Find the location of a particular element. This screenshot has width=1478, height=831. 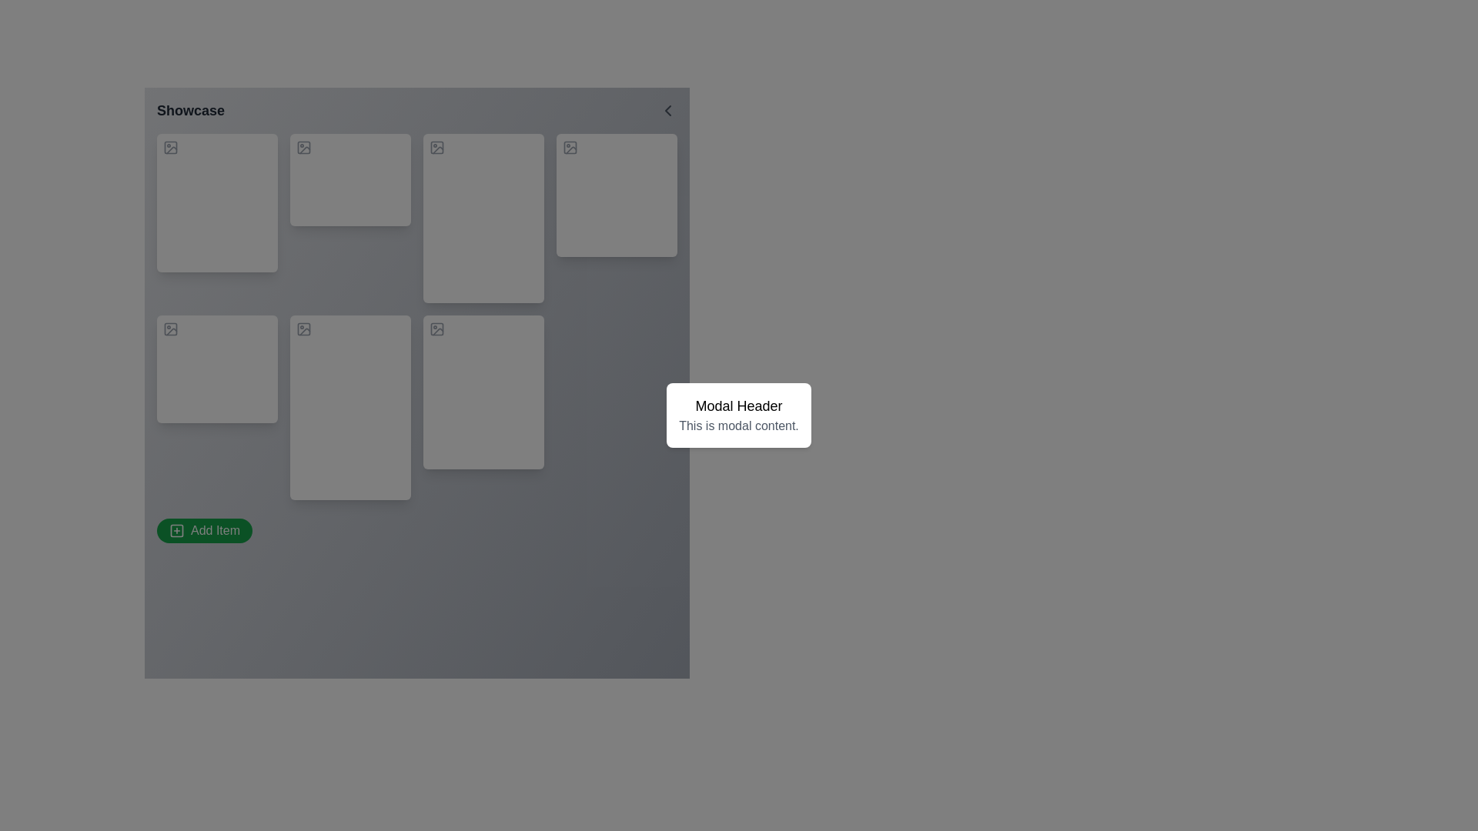

the decorative icon located in the top-left corner of a card element in the top-right area of the interface grid is located at coordinates (569, 148).